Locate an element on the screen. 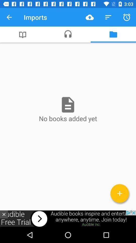 This screenshot has height=243, width=136. the close icon is located at coordinates (4, 214).